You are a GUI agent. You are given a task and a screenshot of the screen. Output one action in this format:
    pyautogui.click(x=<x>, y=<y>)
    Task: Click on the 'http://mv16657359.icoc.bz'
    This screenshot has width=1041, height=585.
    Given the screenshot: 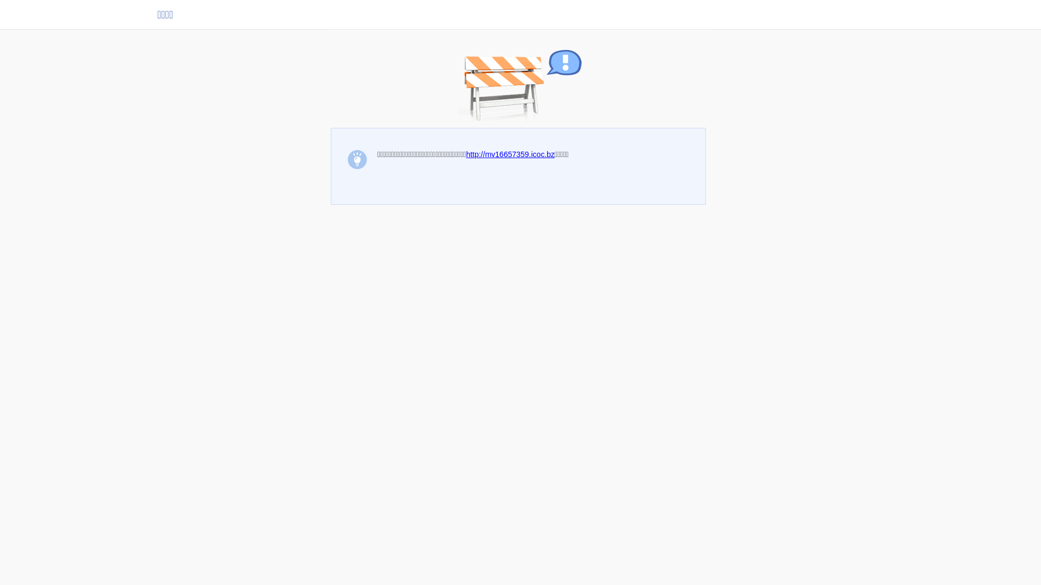 What is the action you would take?
    pyautogui.click(x=510, y=154)
    